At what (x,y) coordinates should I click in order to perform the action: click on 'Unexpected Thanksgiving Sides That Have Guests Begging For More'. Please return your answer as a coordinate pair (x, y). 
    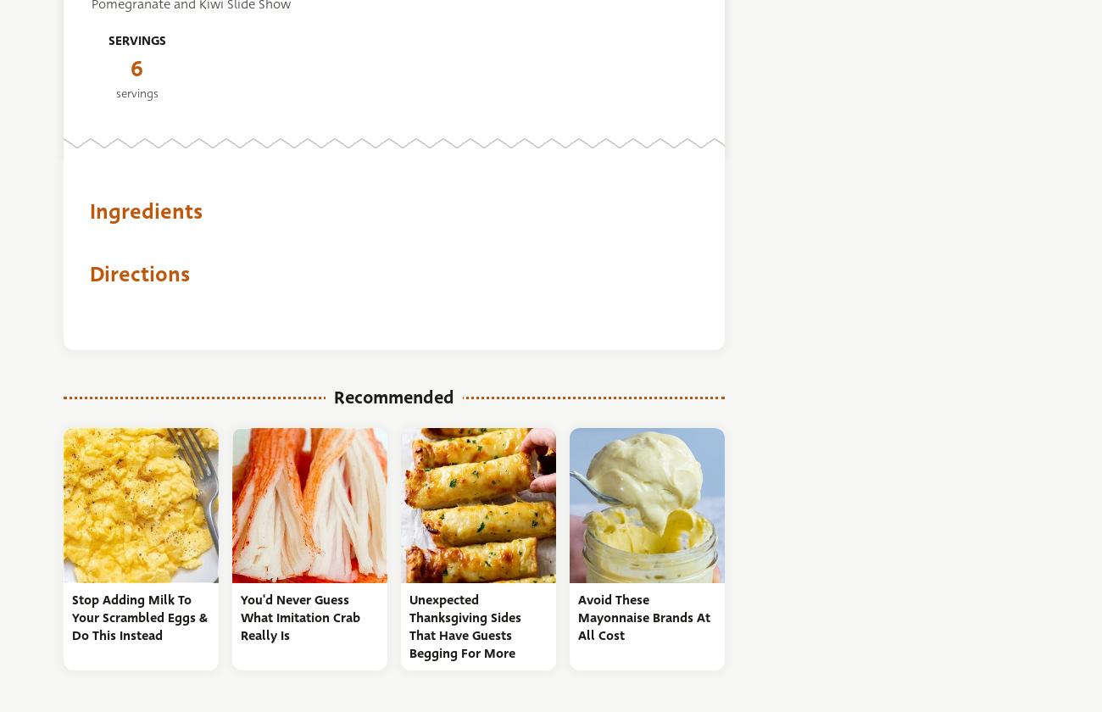
    Looking at the image, I should click on (463, 626).